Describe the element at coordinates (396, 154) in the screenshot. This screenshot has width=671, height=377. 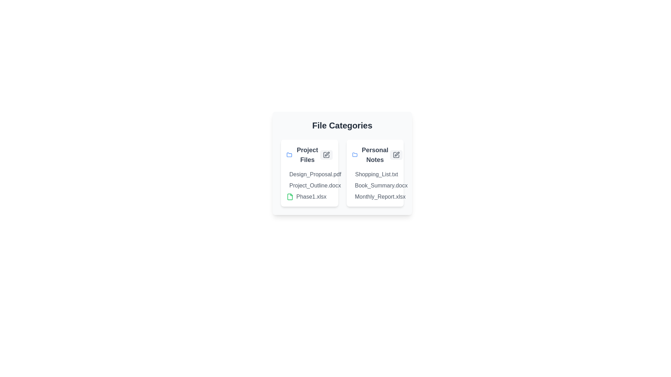
I see `edit button for the category Personal Notes` at that location.